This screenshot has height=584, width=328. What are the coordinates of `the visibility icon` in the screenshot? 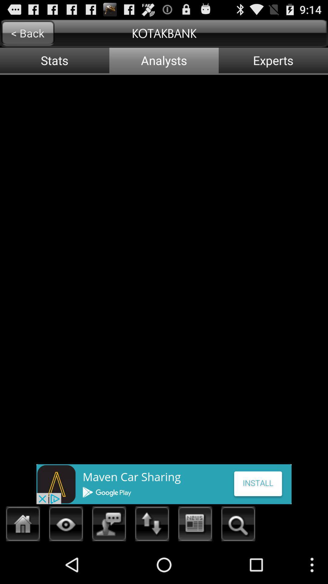 It's located at (66, 562).